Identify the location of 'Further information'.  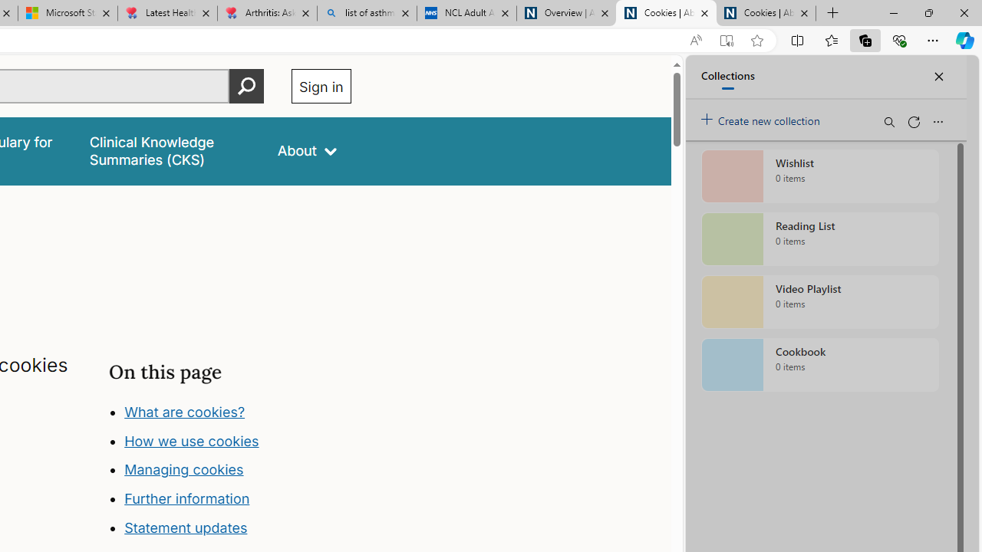
(186, 498).